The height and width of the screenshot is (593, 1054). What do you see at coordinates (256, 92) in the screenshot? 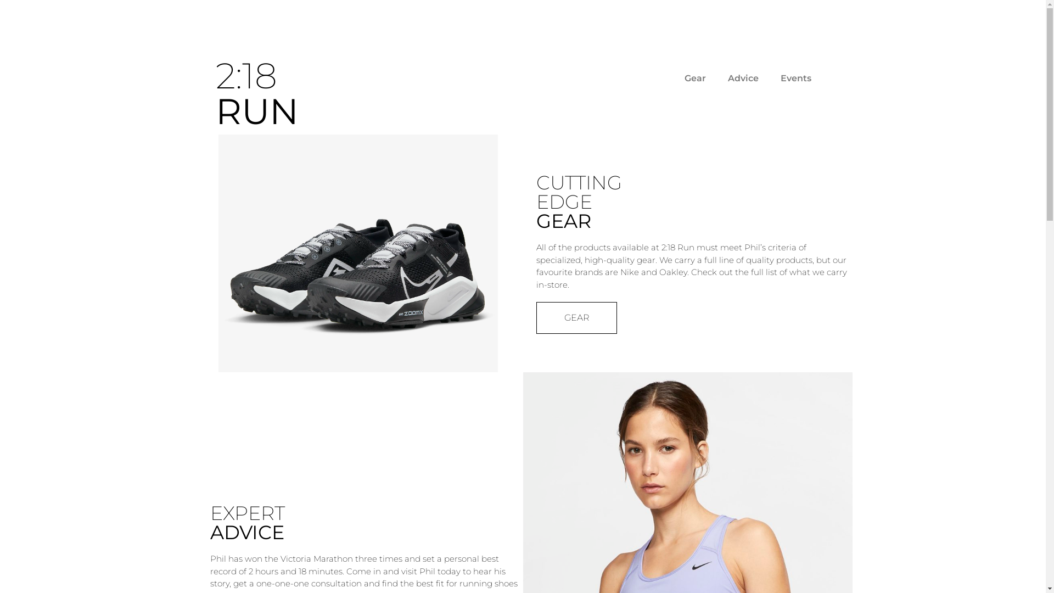
I see `'2:18` at bounding box center [256, 92].